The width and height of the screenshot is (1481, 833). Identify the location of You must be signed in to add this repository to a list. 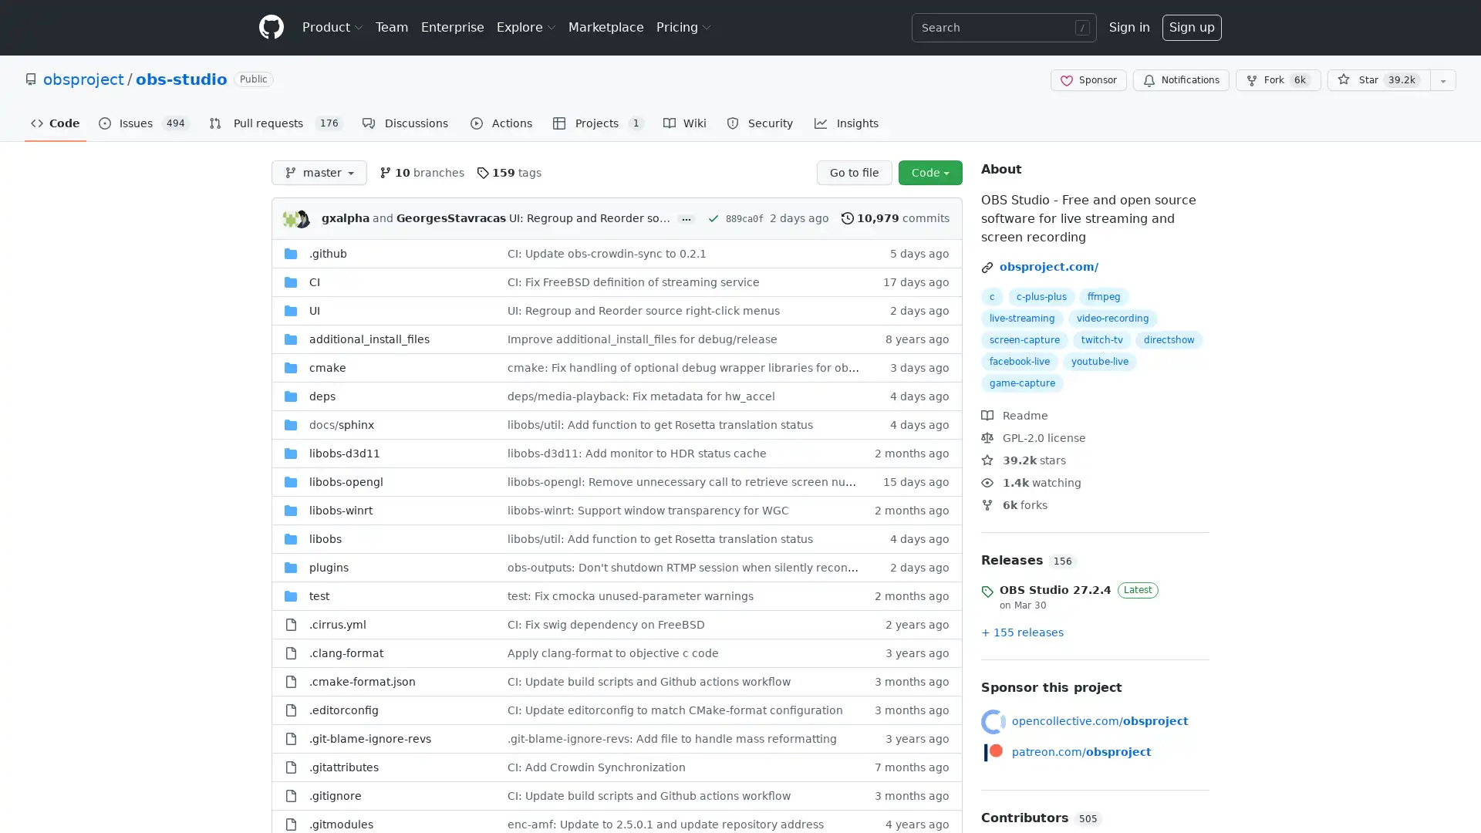
(1442, 80).